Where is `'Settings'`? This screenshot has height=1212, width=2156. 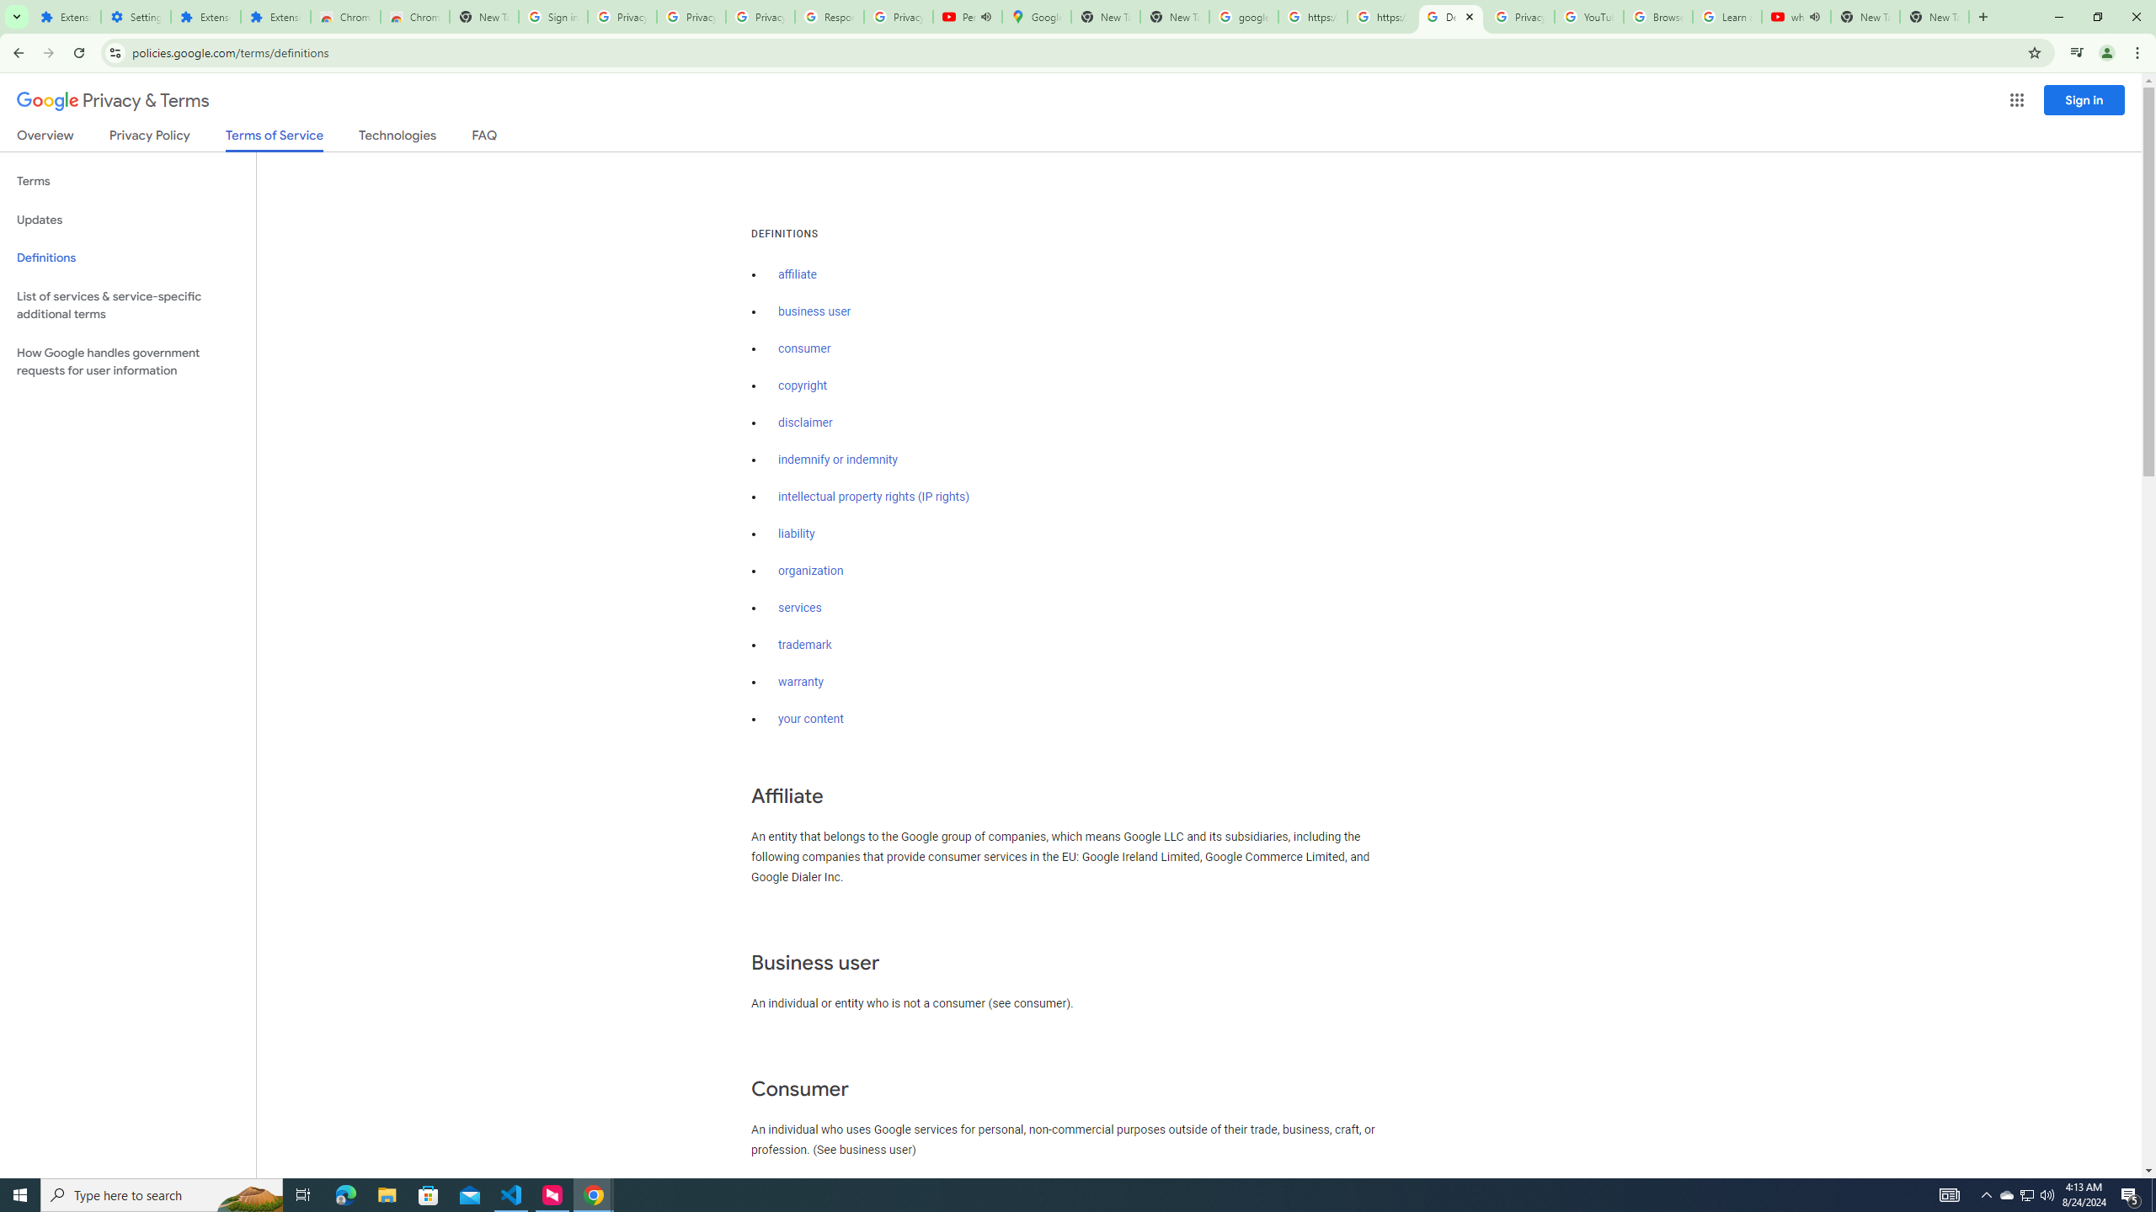
'Settings' is located at coordinates (135, 16).